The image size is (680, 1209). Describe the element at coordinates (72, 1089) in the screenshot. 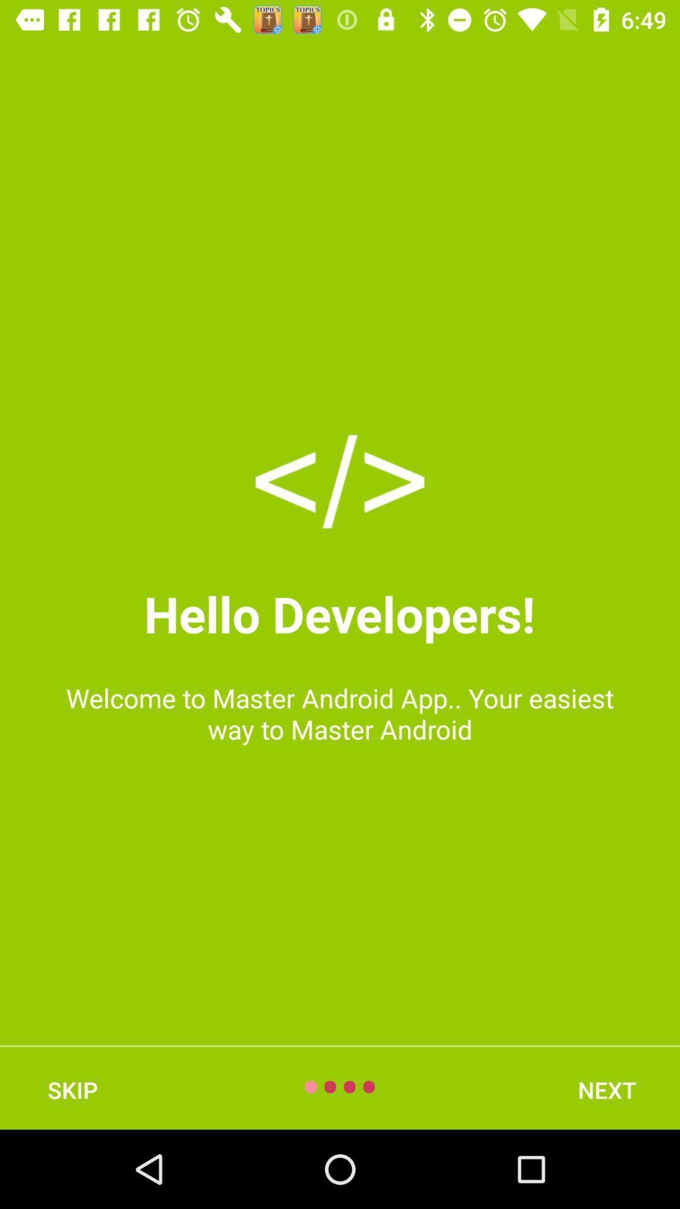

I see `icon at the bottom left corner` at that location.